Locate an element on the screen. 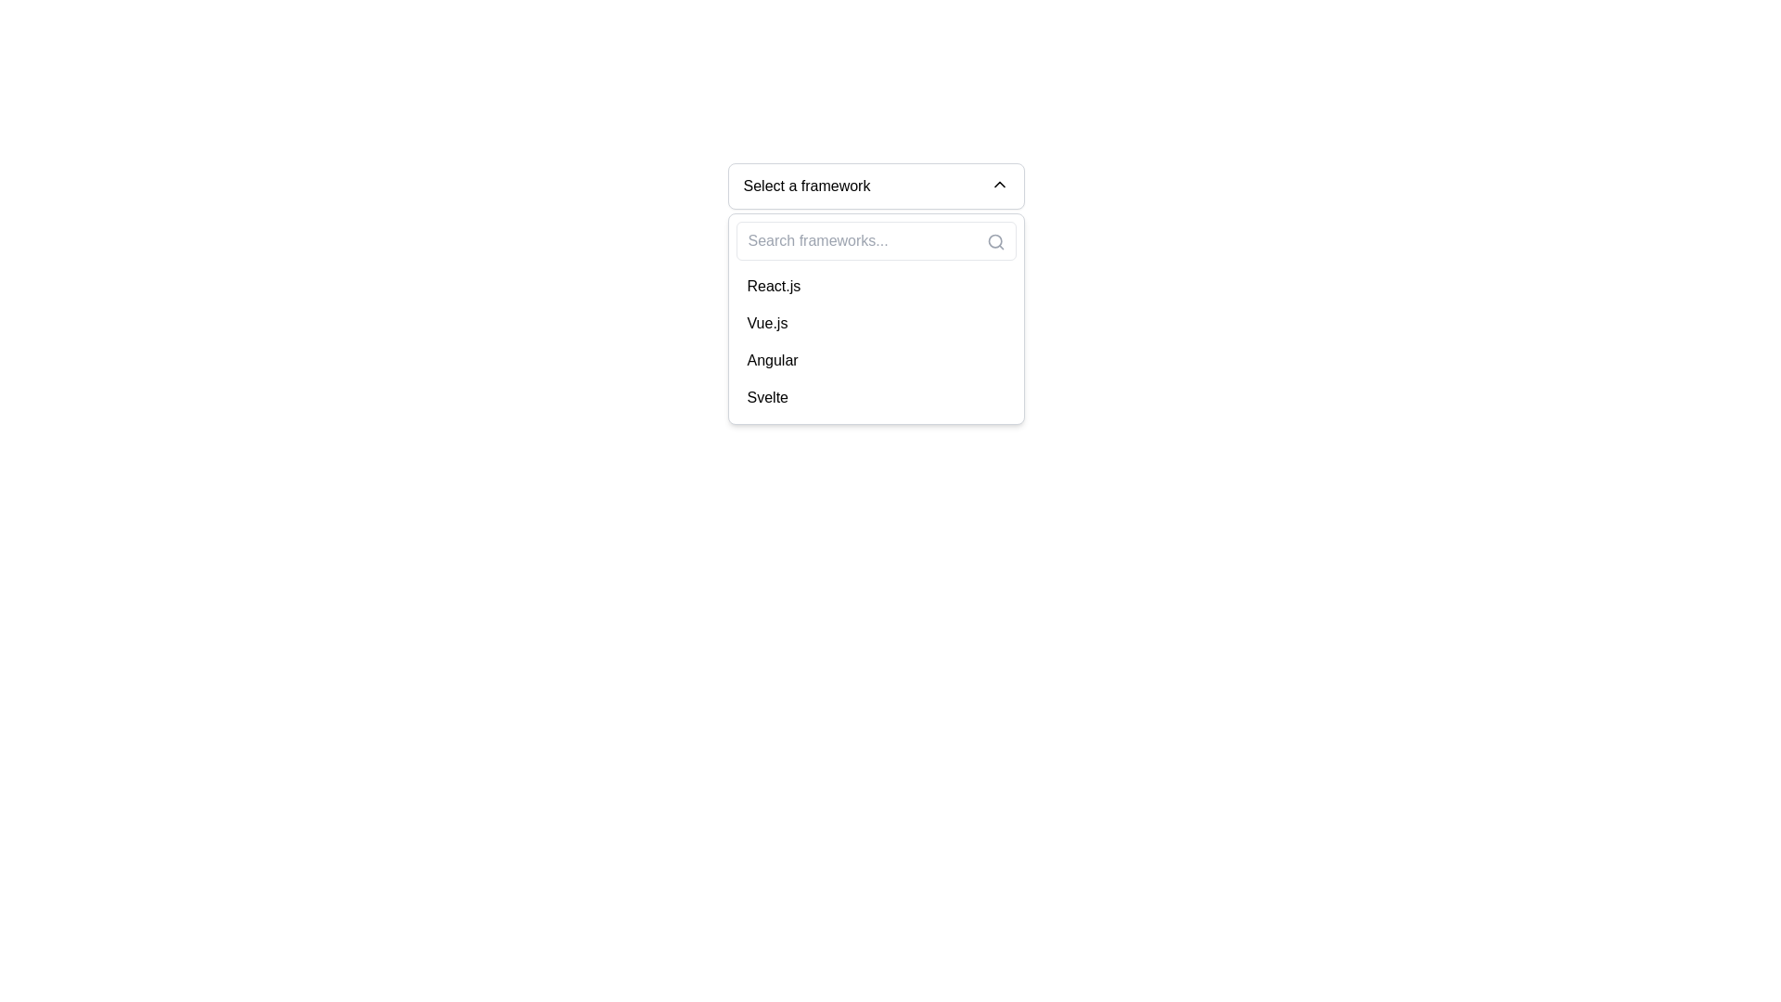  the 'Svelte' option in the dropdown menu, which is the last item in the list following 'React.js', 'Vue.js', and 'Angular' is located at coordinates (767, 396).